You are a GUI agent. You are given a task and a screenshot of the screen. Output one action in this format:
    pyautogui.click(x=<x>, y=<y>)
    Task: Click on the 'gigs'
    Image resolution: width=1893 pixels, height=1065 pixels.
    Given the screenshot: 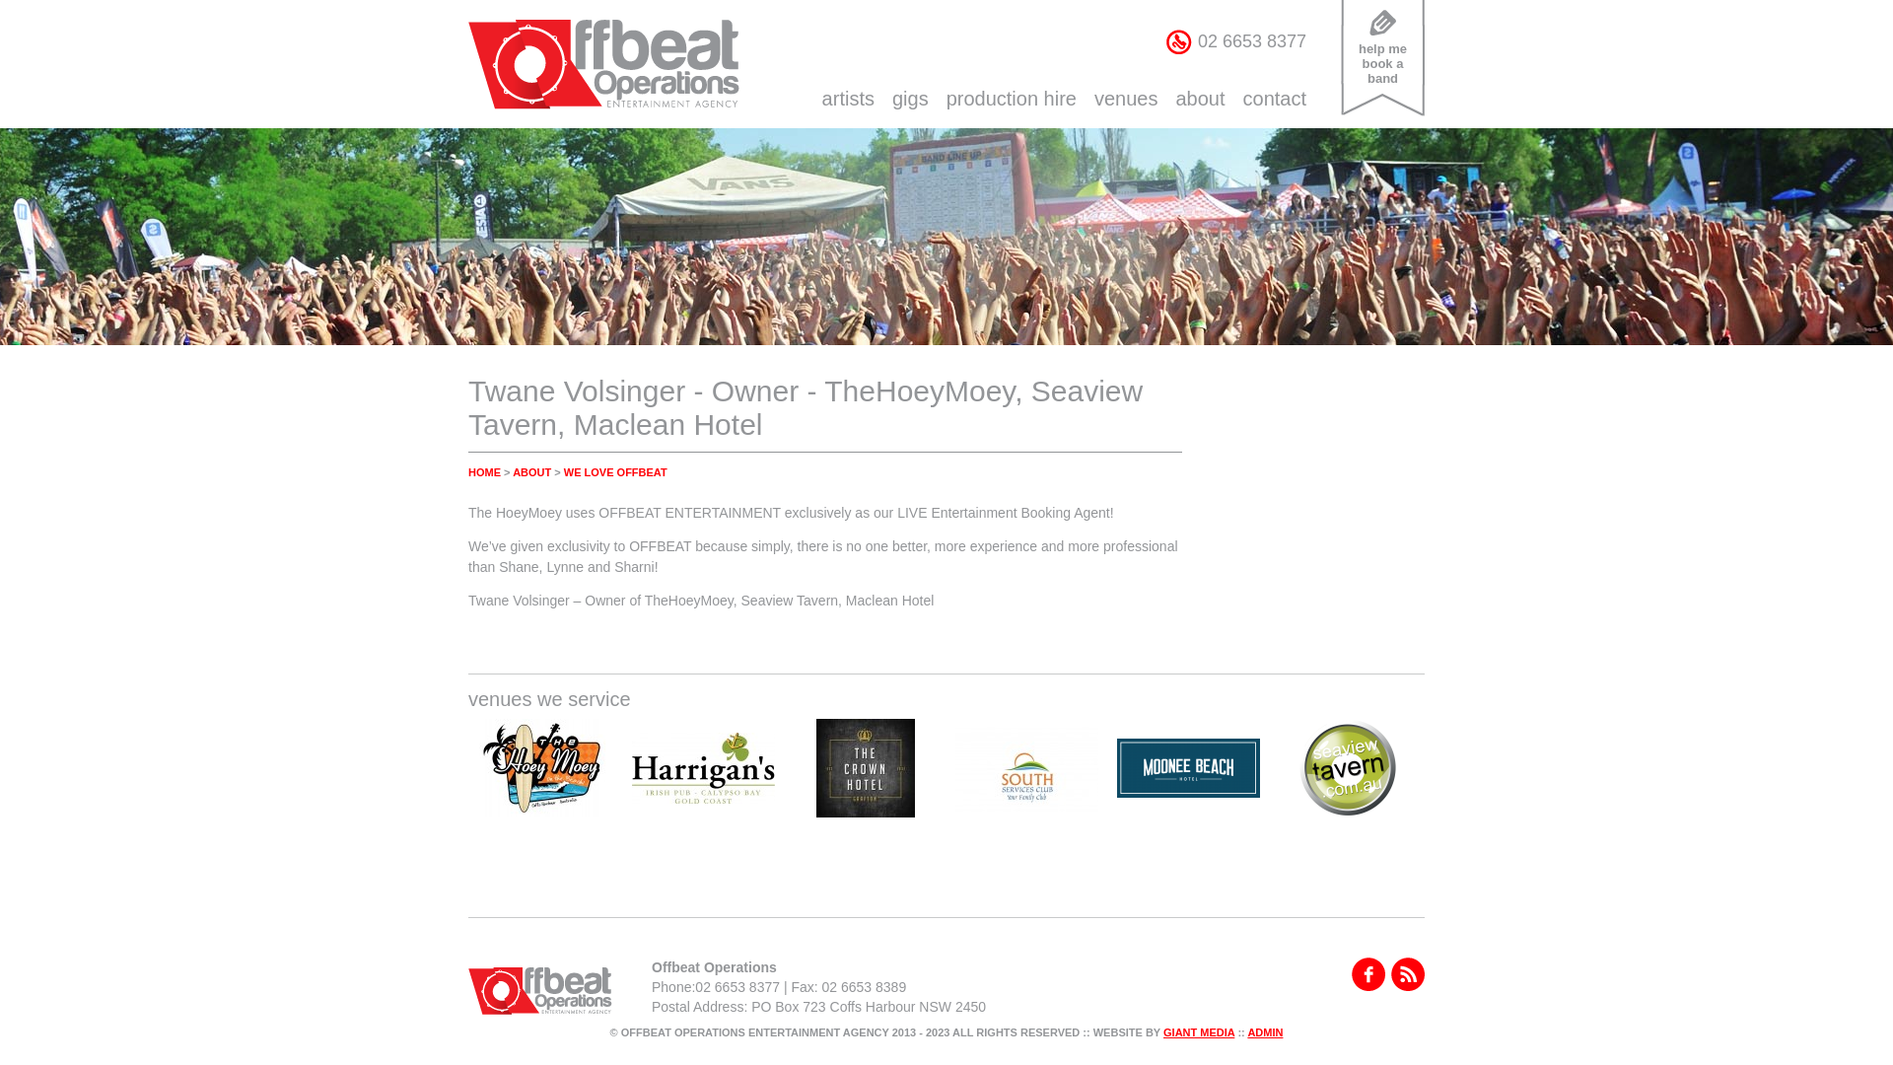 What is the action you would take?
    pyautogui.click(x=909, y=99)
    